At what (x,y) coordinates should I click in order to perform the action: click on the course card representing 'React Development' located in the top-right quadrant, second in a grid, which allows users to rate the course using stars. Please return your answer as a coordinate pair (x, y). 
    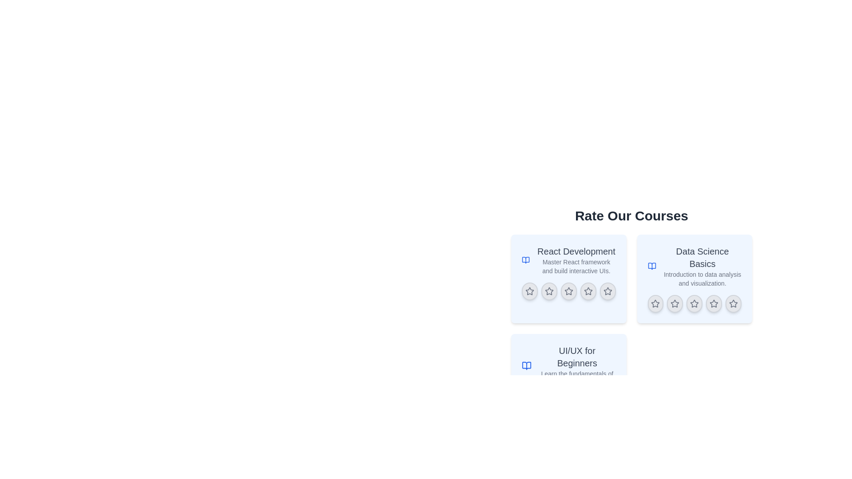
    Looking at the image, I should click on (694, 278).